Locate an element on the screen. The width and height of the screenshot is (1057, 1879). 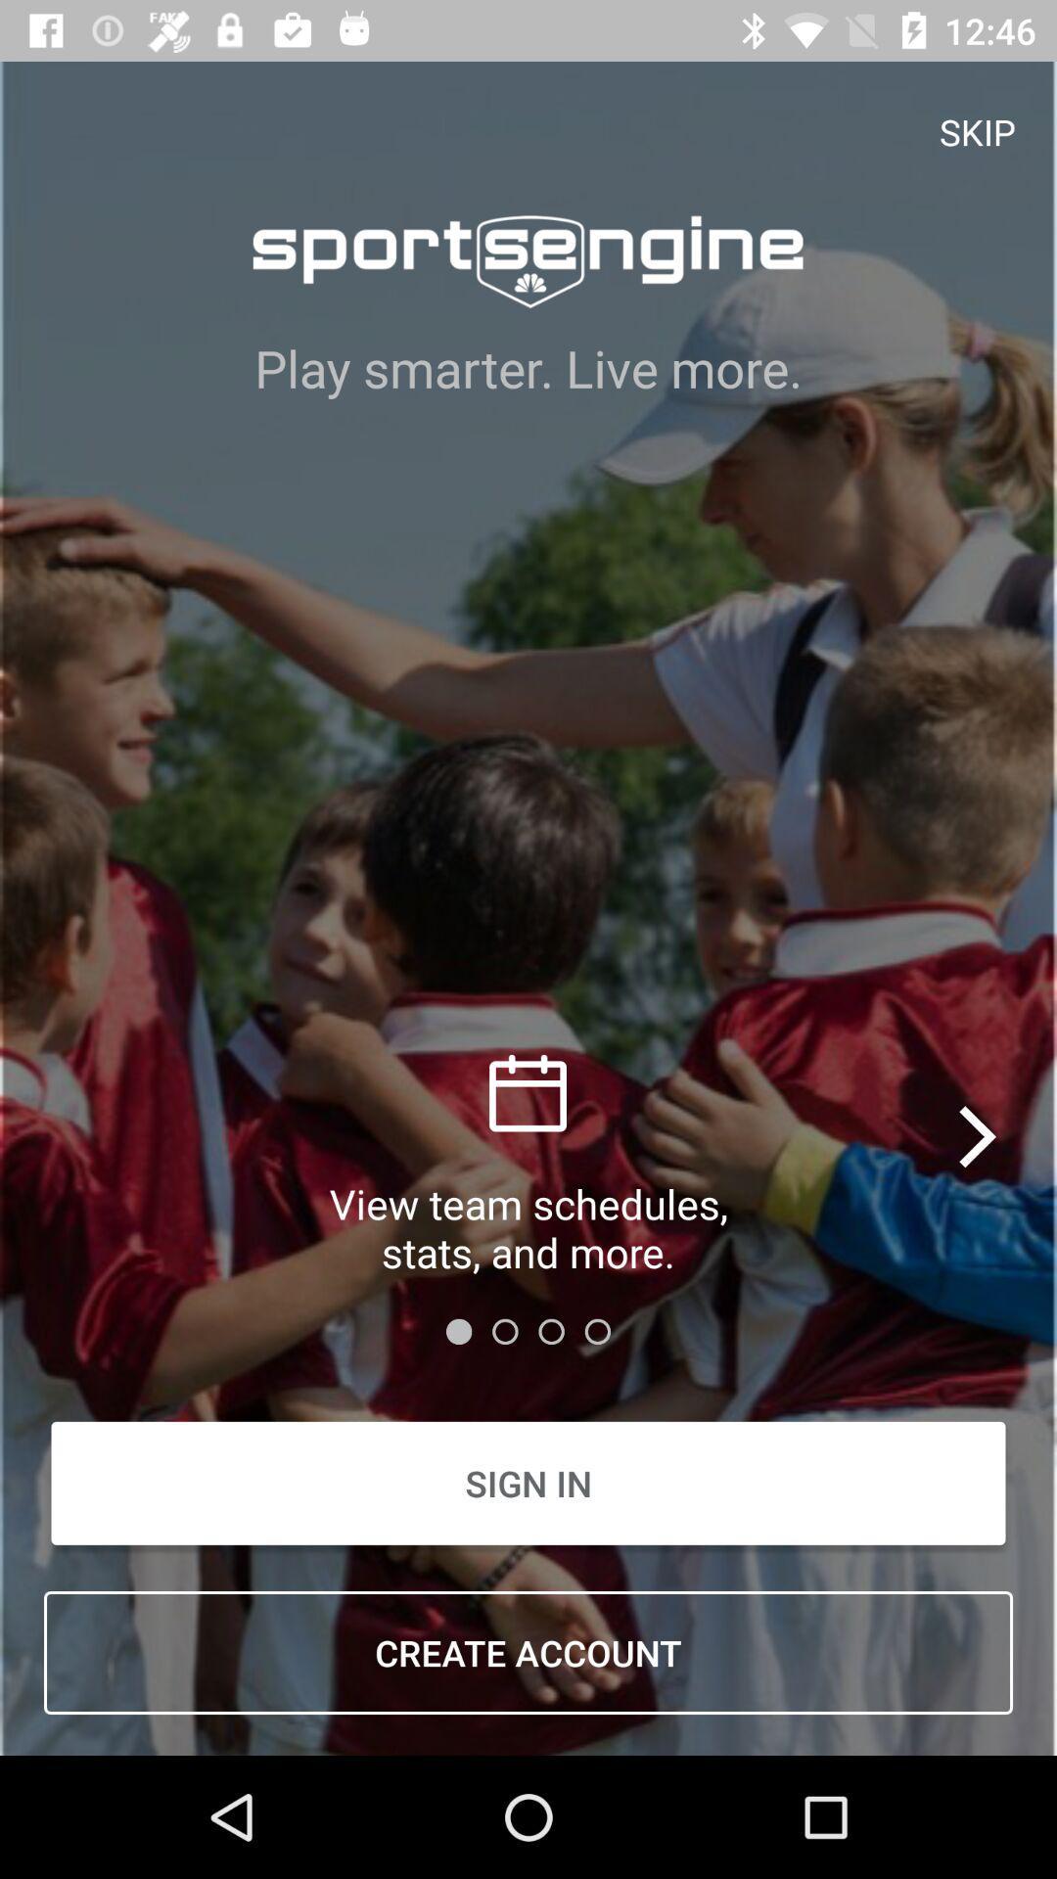
skip is located at coordinates (978, 130).